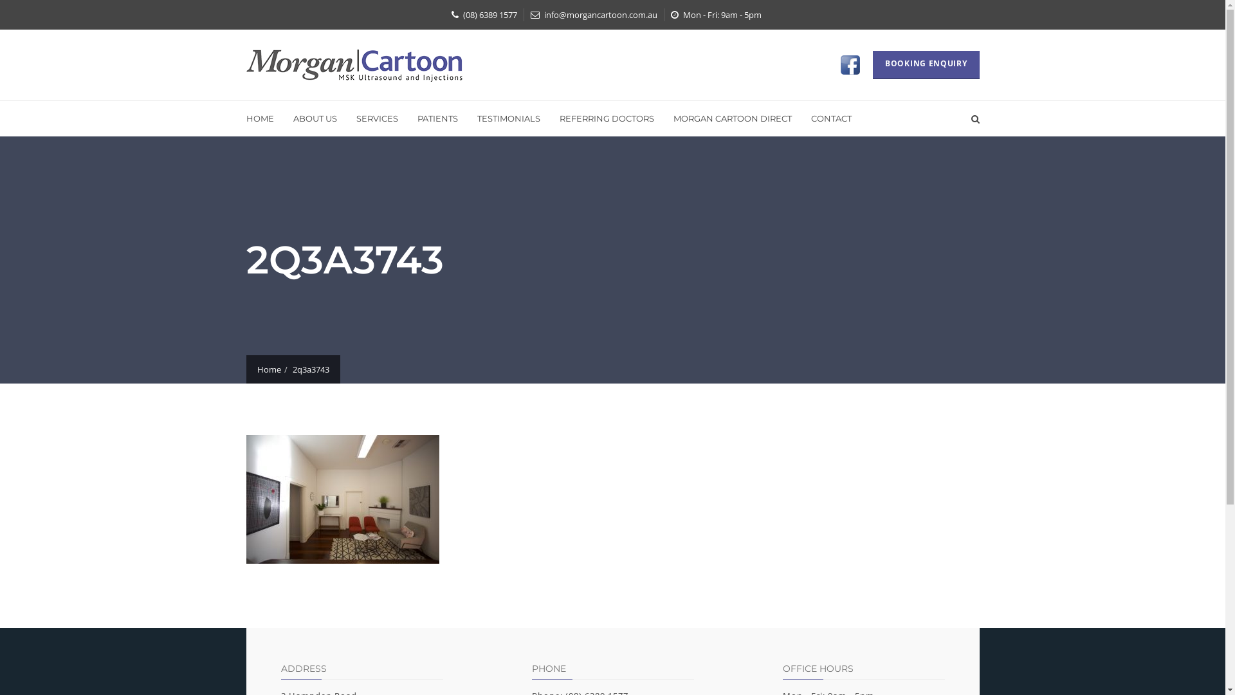  Describe the element at coordinates (732, 118) in the screenshot. I see `'MORGAN CARTOON DIRECT'` at that location.